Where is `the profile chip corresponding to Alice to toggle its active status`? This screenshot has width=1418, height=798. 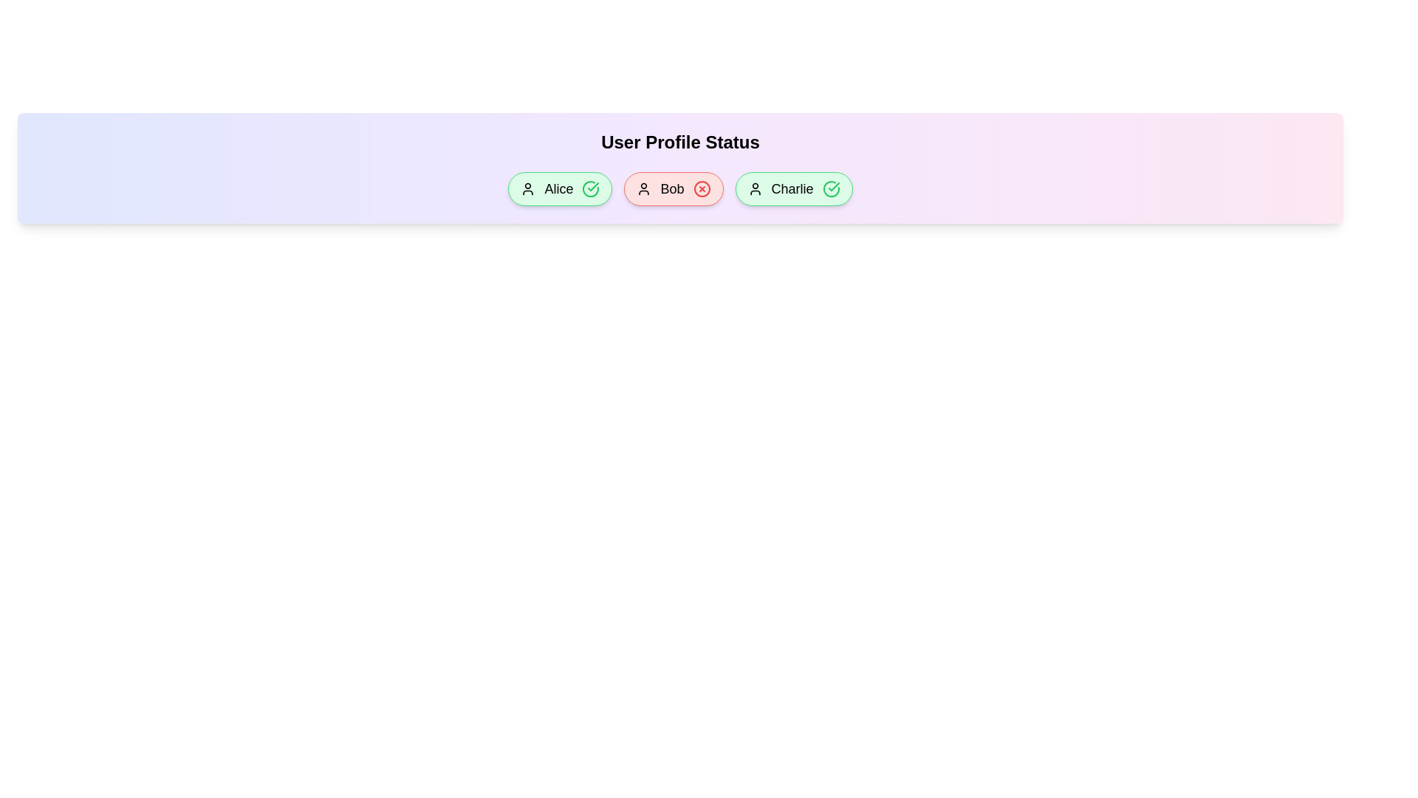
the profile chip corresponding to Alice to toggle its active status is located at coordinates (559, 188).